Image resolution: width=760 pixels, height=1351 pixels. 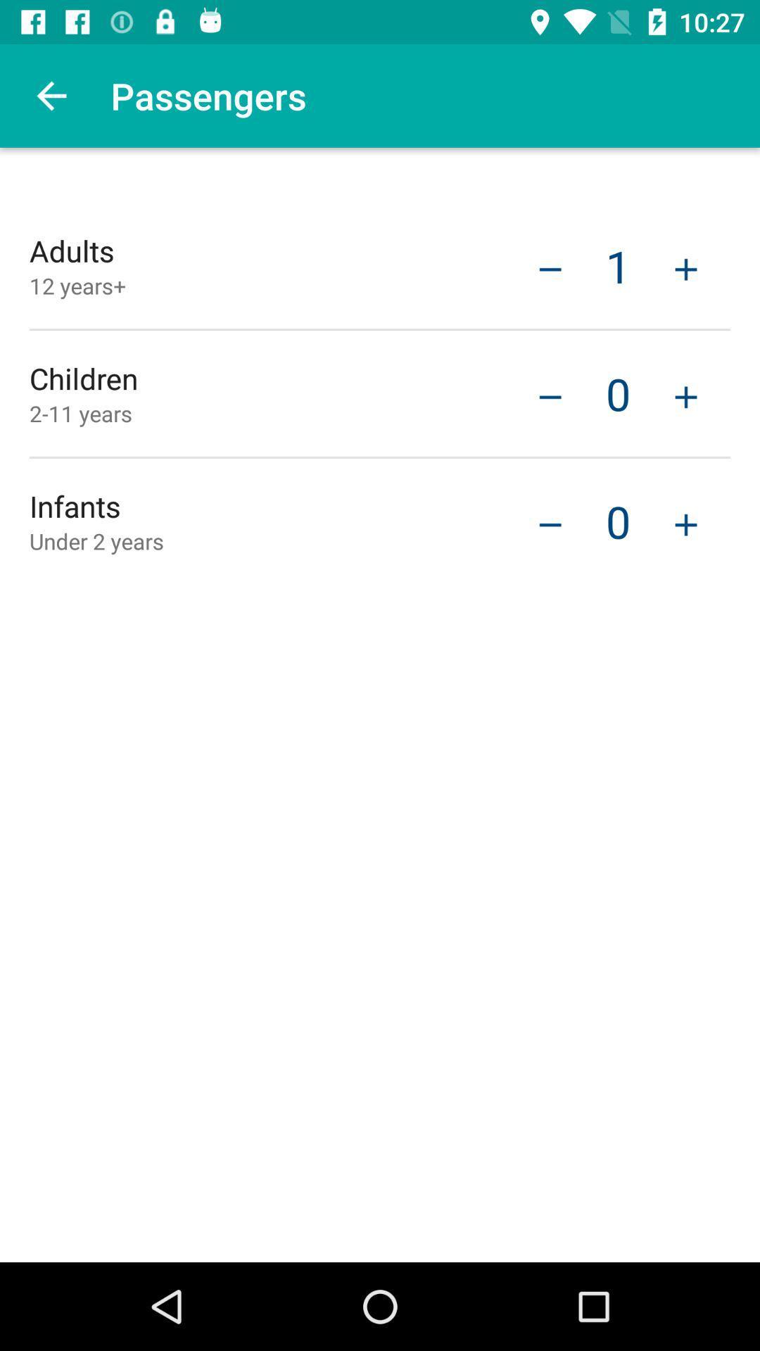 What do you see at coordinates (550, 395) in the screenshot?
I see `the minus icon` at bounding box center [550, 395].